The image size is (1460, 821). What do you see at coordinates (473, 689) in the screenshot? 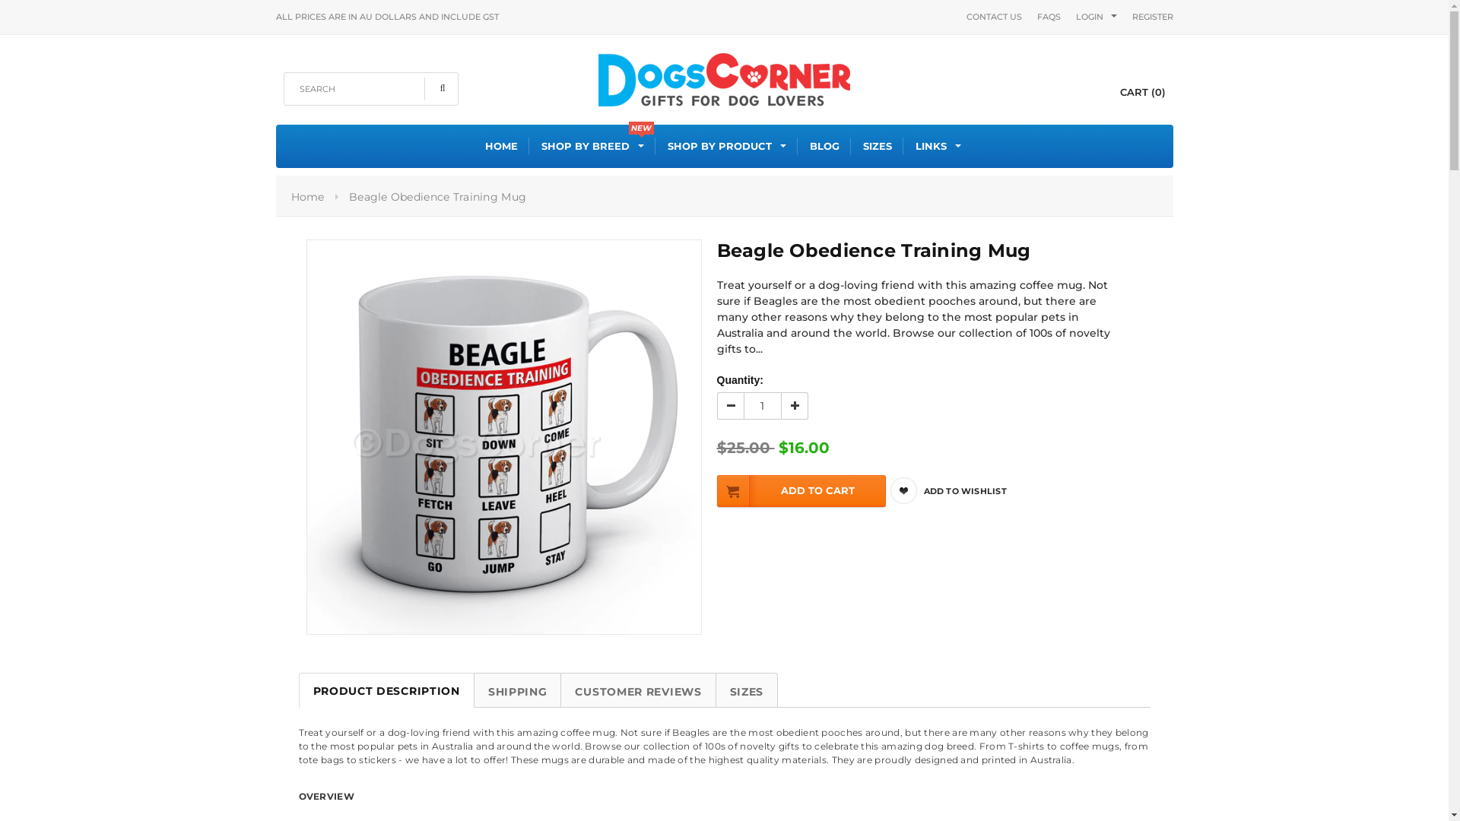
I see `'SHIPPING'` at bounding box center [473, 689].